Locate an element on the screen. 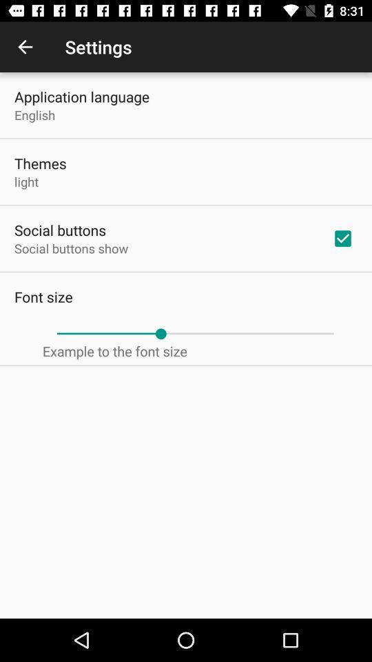 The image size is (372, 662). the item next to the settings icon is located at coordinates (25, 47).